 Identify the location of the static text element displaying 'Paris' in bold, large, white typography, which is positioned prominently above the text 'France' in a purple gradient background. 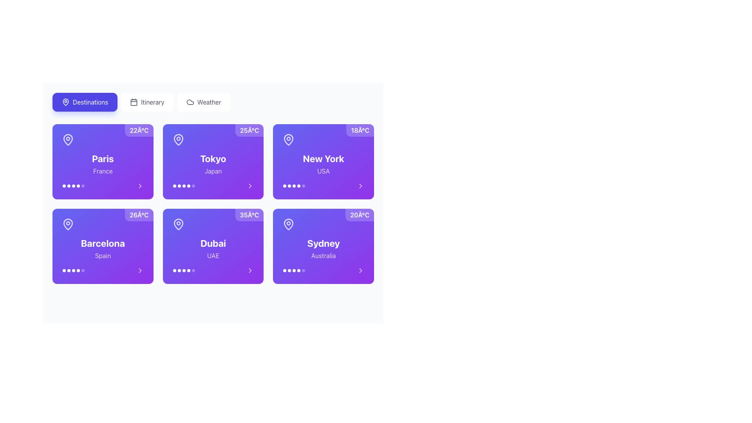
(102, 159).